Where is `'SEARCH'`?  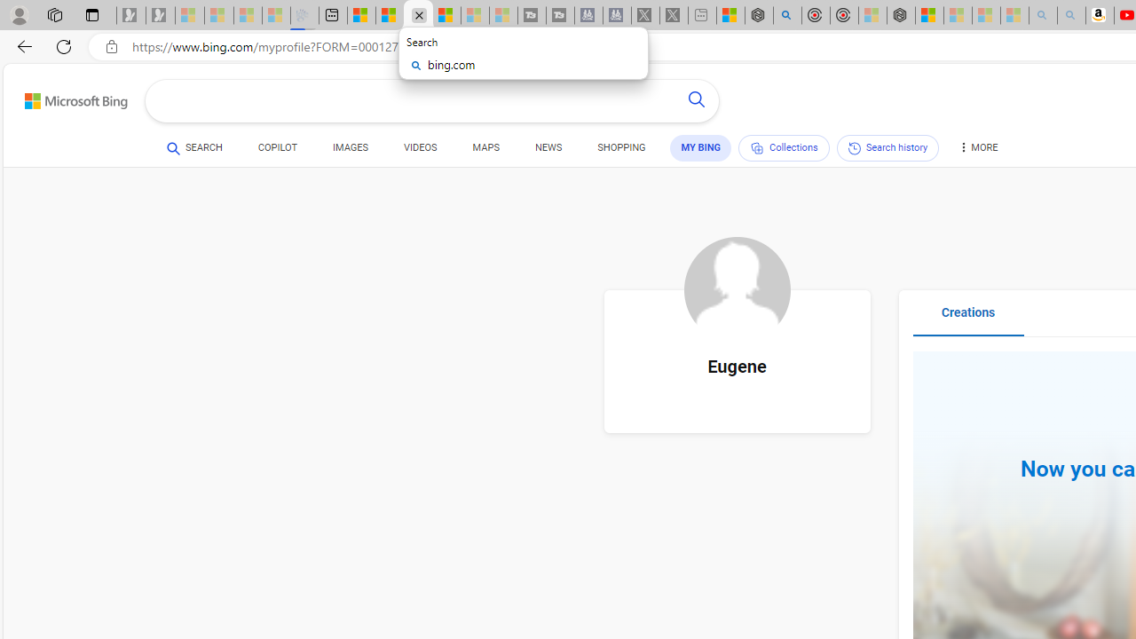
'SEARCH' is located at coordinates (194, 147).